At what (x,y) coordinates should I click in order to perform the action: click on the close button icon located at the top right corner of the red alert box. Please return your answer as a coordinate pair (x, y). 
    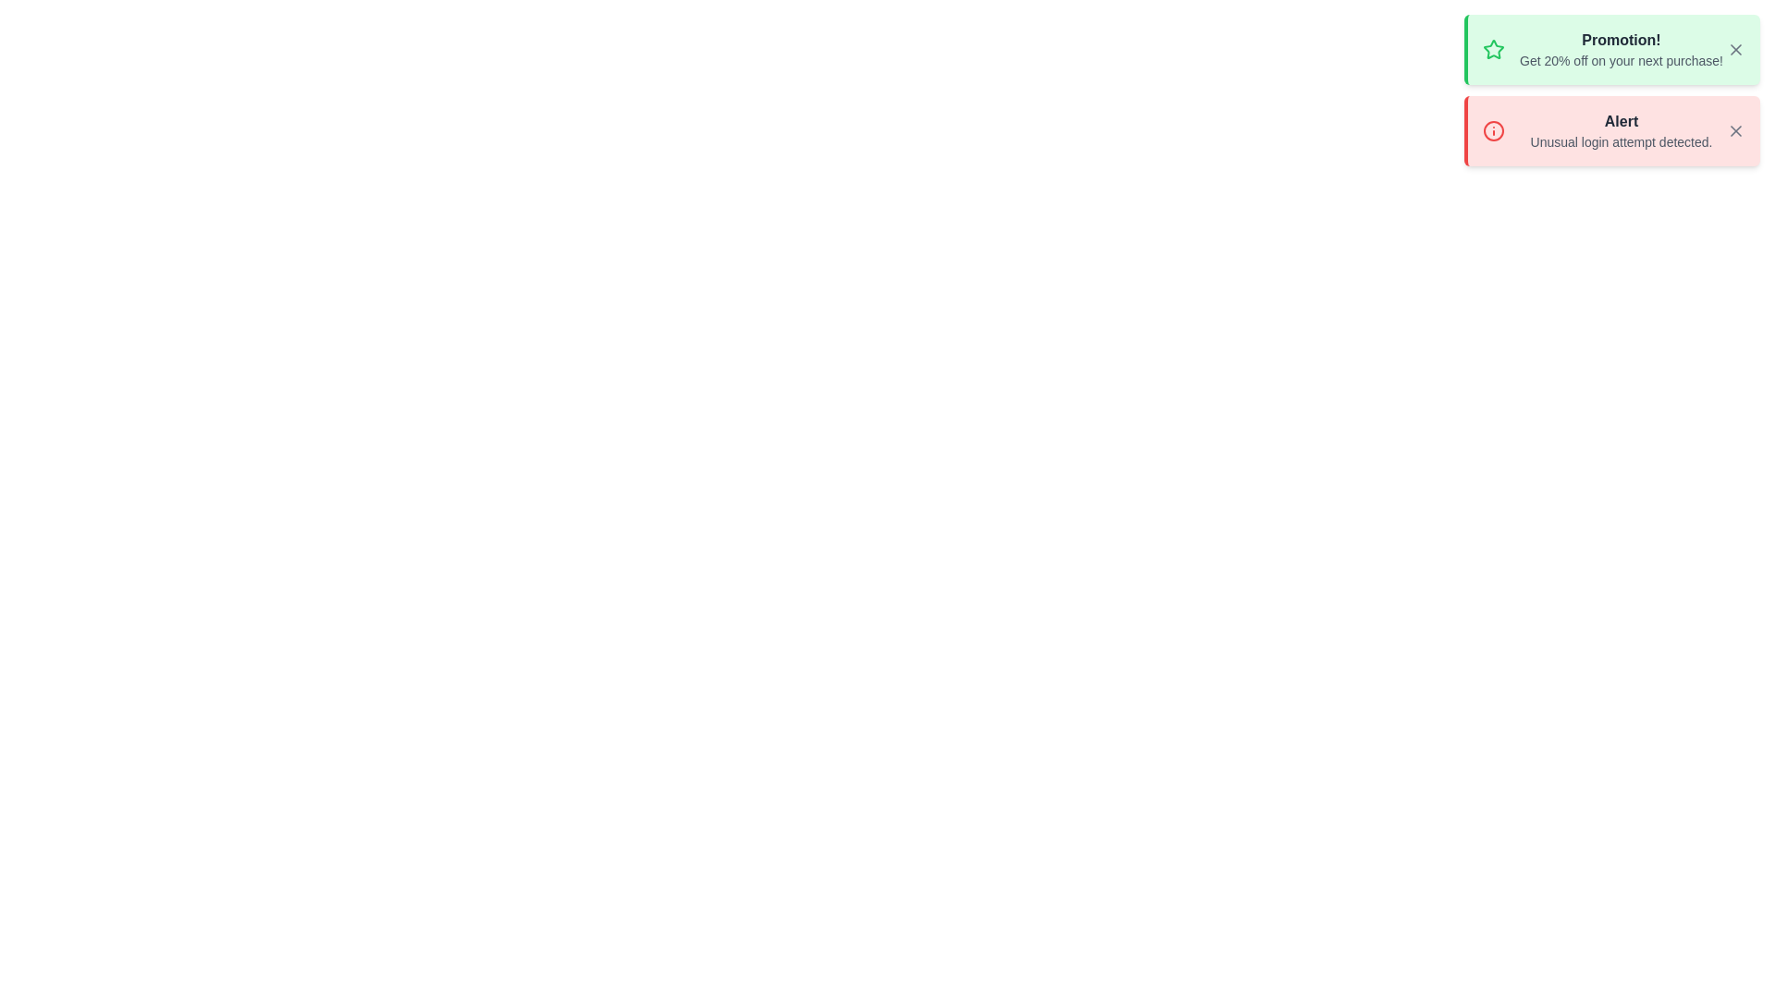
    Looking at the image, I should click on (1734, 130).